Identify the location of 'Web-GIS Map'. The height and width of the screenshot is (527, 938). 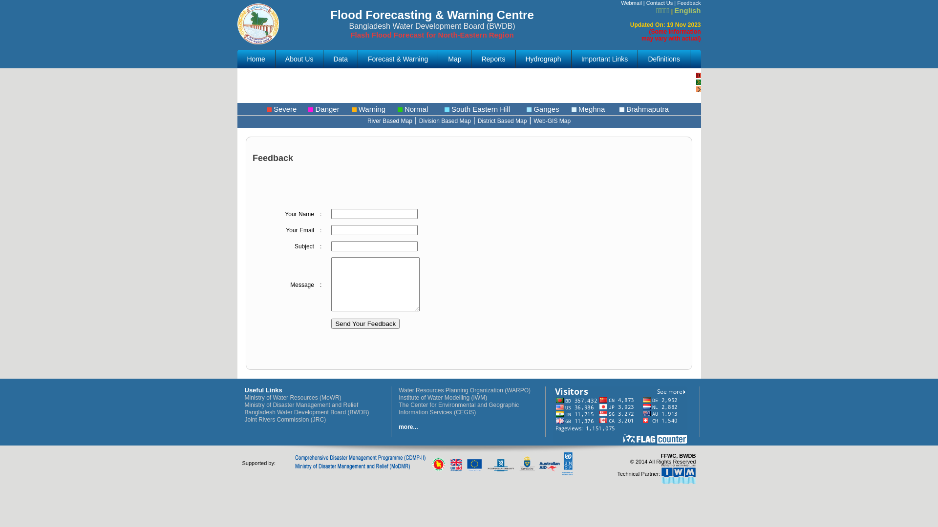
(552, 120).